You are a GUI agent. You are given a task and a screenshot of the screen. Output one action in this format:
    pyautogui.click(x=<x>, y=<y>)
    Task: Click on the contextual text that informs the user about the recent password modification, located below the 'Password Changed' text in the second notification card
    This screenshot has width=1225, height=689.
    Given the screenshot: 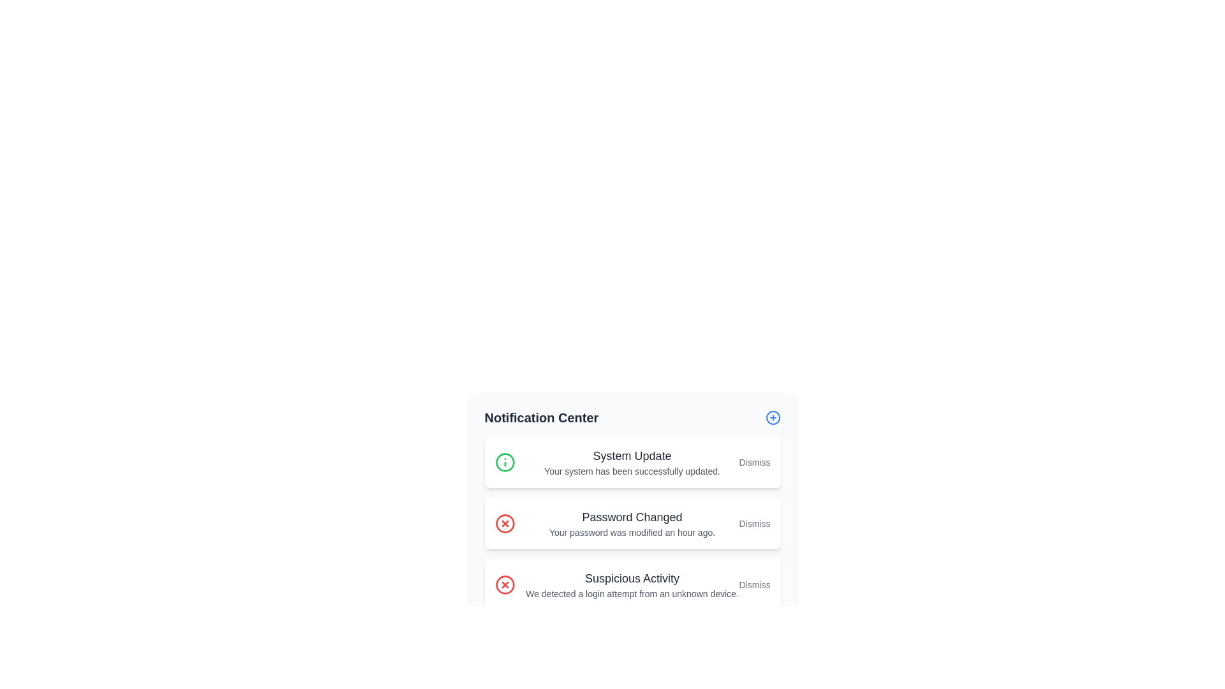 What is the action you would take?
    pyautogui.click(x=632, y=532)
    